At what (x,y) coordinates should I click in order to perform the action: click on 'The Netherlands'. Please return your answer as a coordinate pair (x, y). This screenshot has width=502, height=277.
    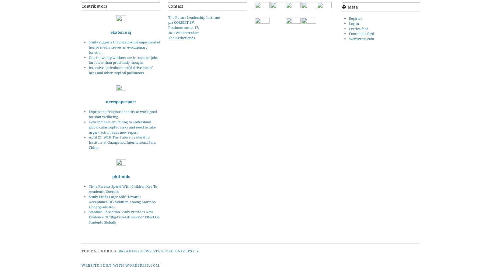
    Looking at the image, I should click on (181, 37).